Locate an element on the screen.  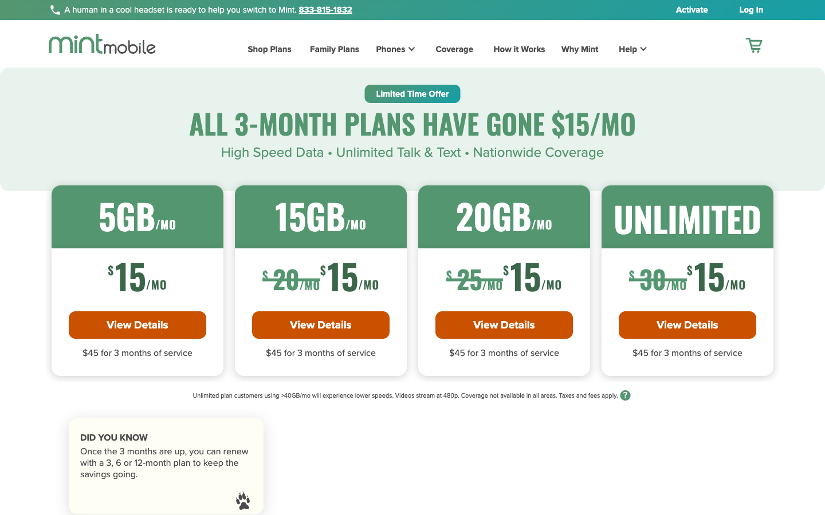
the Login interface is located at coordinates (744, 9).